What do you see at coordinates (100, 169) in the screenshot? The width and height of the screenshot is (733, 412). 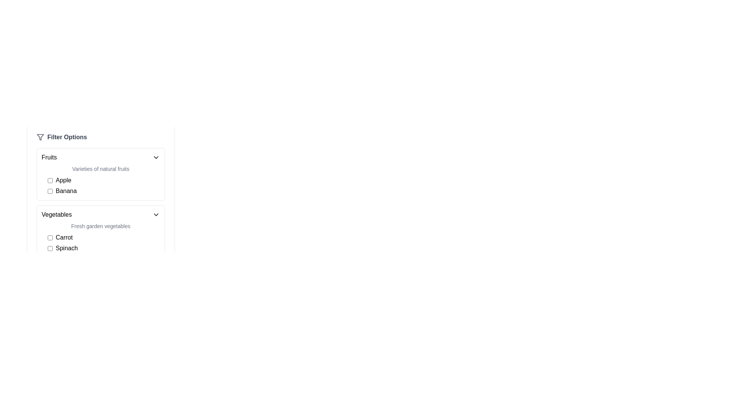 I see `the descriptive label for the 'Fruits' dropdown list, which is positioned above the list of options in the 'Filter Options' section` at bounding box center [100, 169].